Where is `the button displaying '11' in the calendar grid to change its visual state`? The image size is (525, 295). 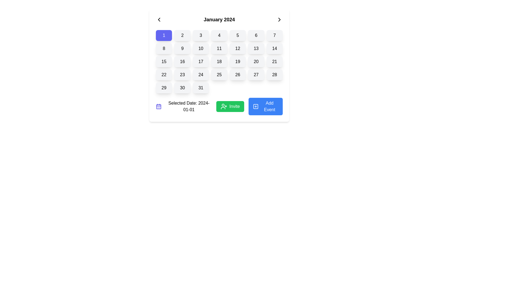 the button displaying '11' in the calendar grid to change its visual state is located at coordinates (219, 48).